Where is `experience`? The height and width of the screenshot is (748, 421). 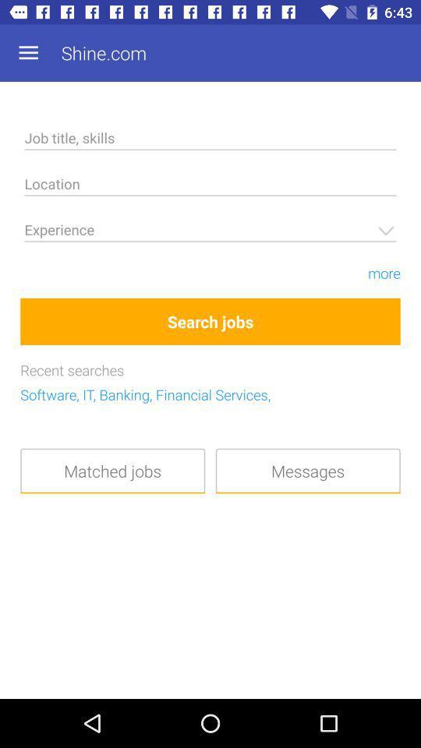
experience is located at coordinates (210, 231).